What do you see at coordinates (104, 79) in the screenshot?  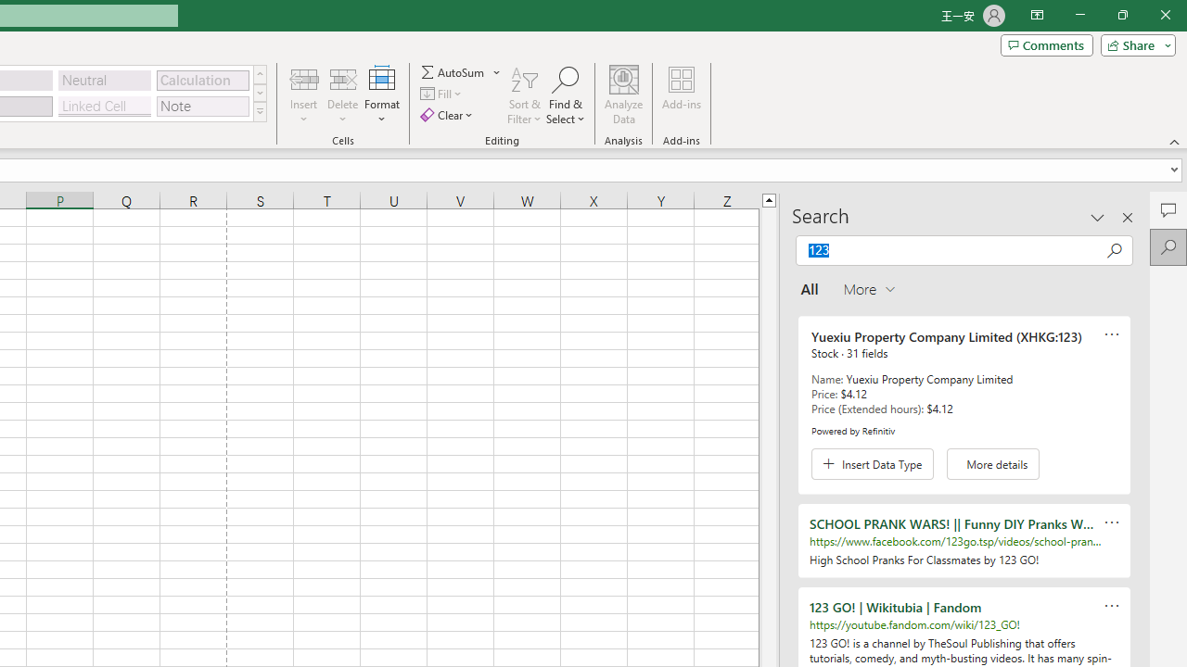 I see `'Neutral'` at bounding box center [104, 79].